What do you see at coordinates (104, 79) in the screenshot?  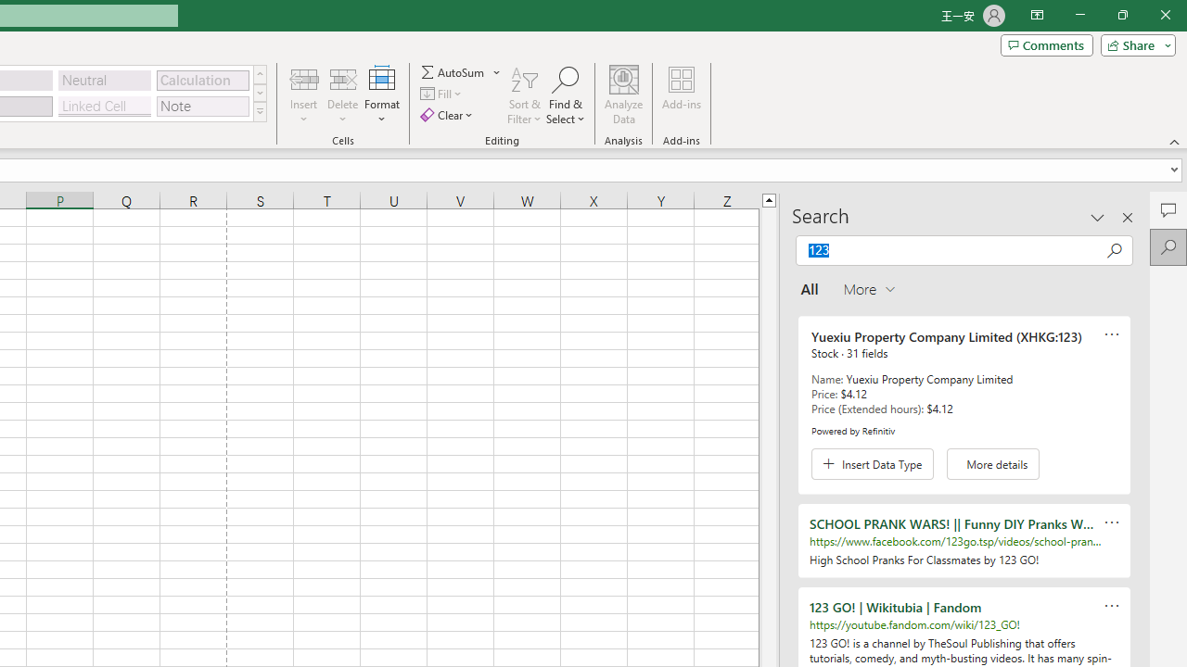 I see `'Neutral'` at bounding box center [104, 79].